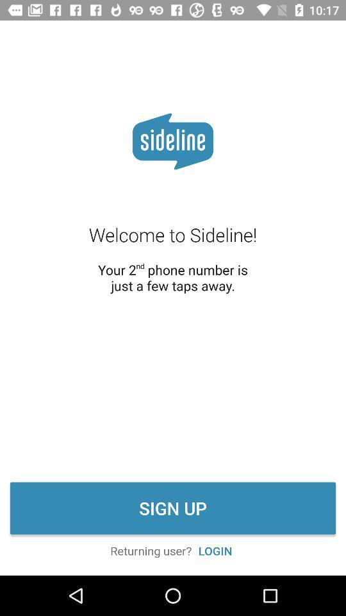 The width and height of the screenshot is (346, 616). I want to click on icon below the sign up icon, so click(215, 550).